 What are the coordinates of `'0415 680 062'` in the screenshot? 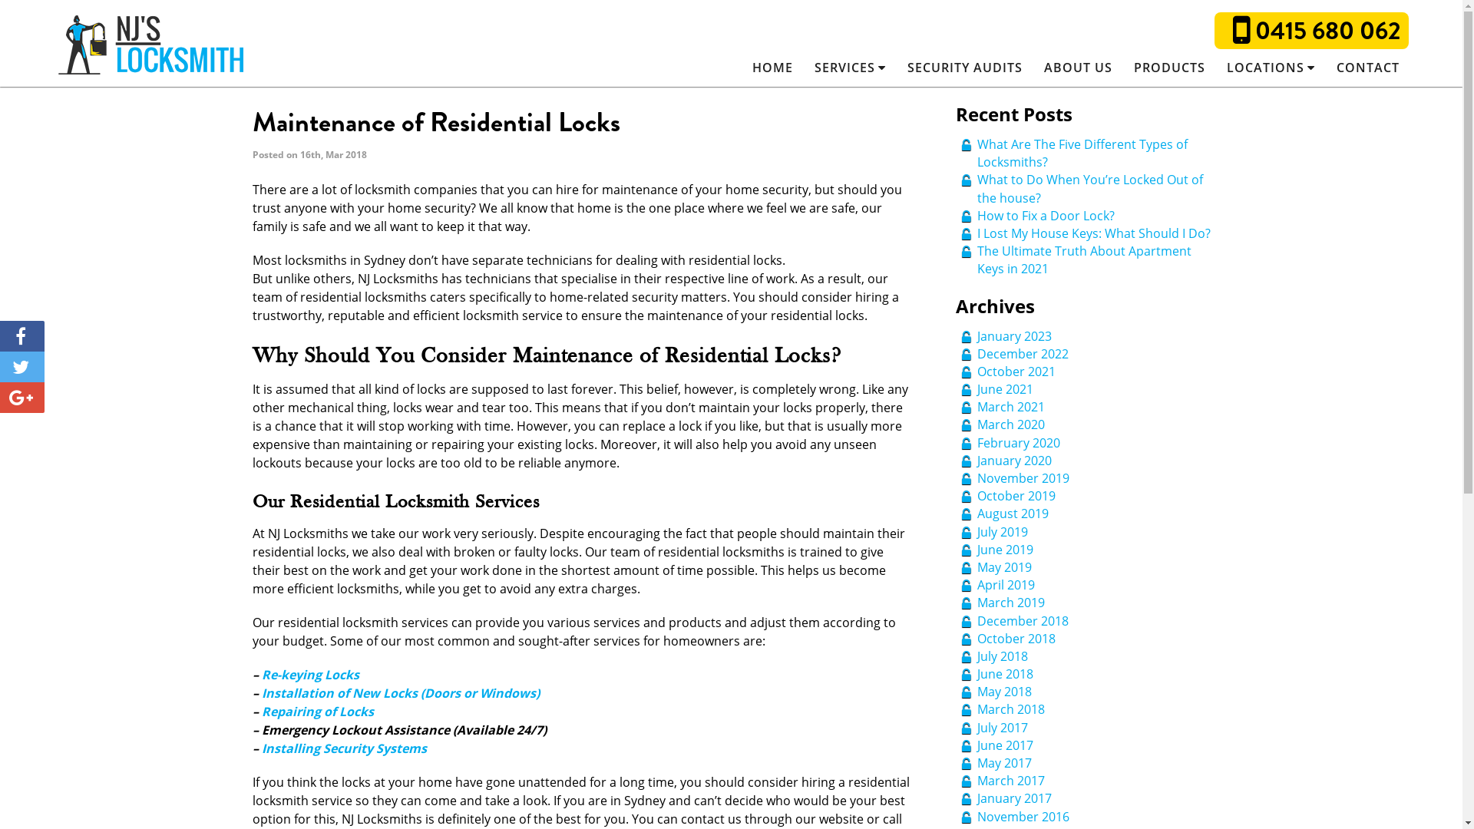 It's located at (1316, 30).